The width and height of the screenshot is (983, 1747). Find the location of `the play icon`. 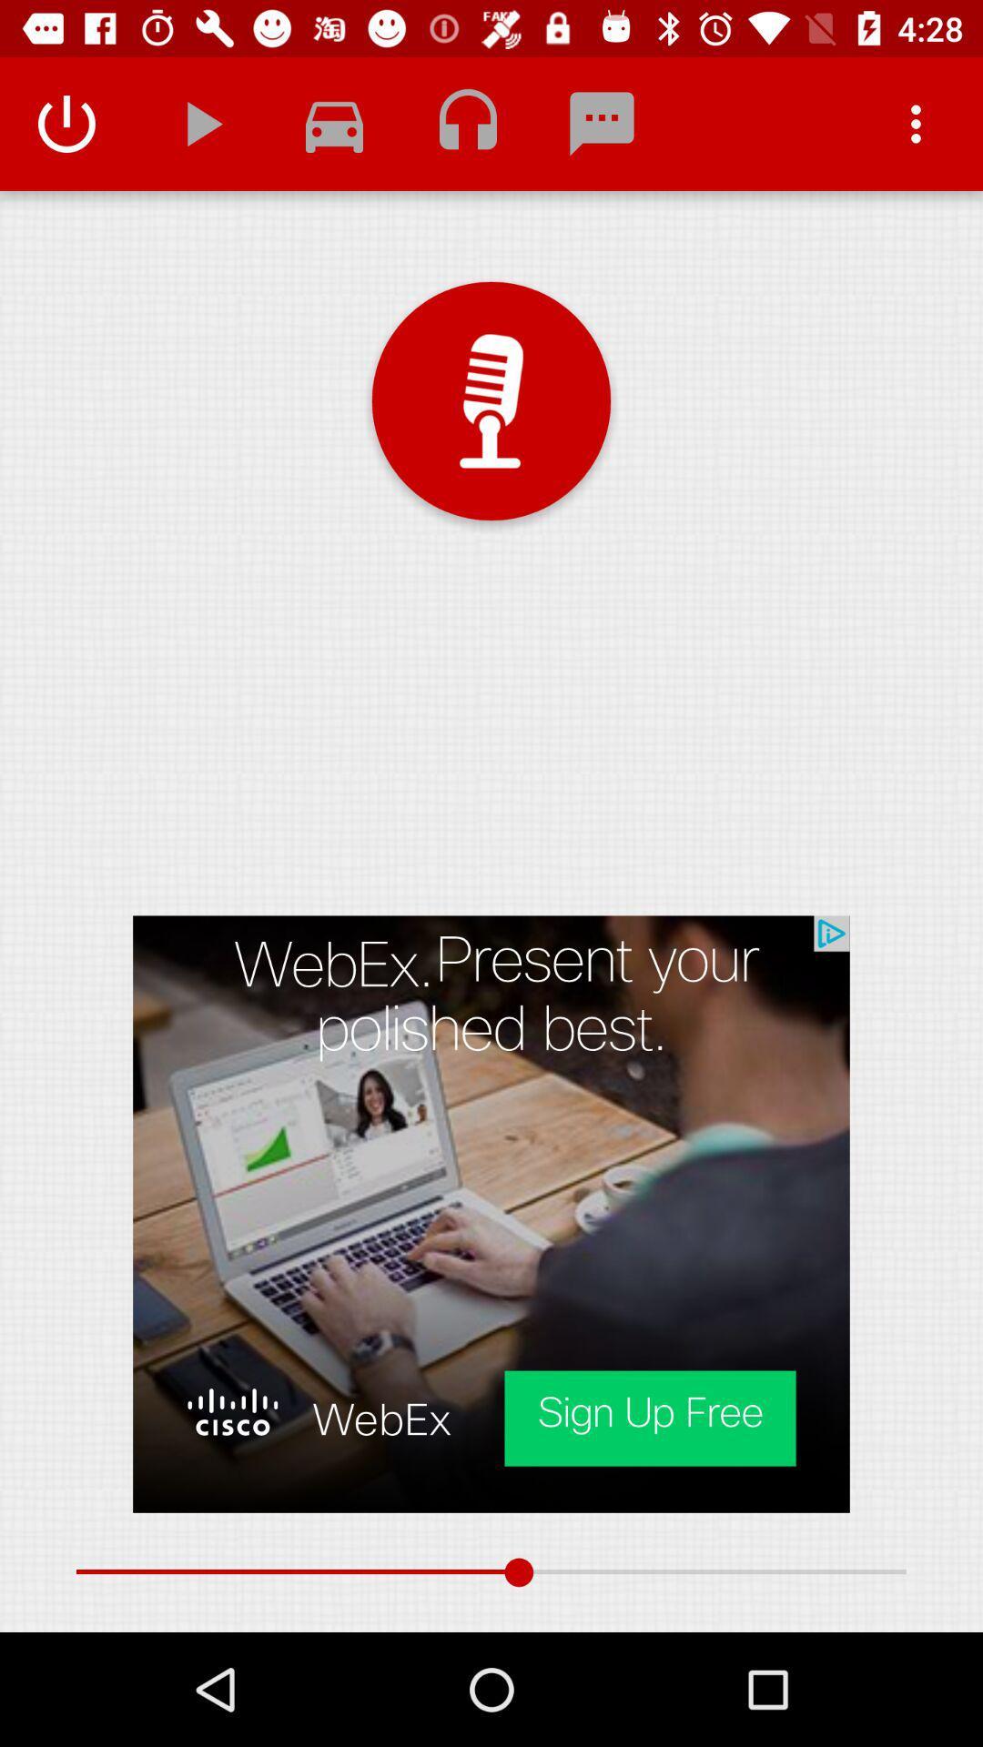

the play icon is located at coordinates (200, 123).